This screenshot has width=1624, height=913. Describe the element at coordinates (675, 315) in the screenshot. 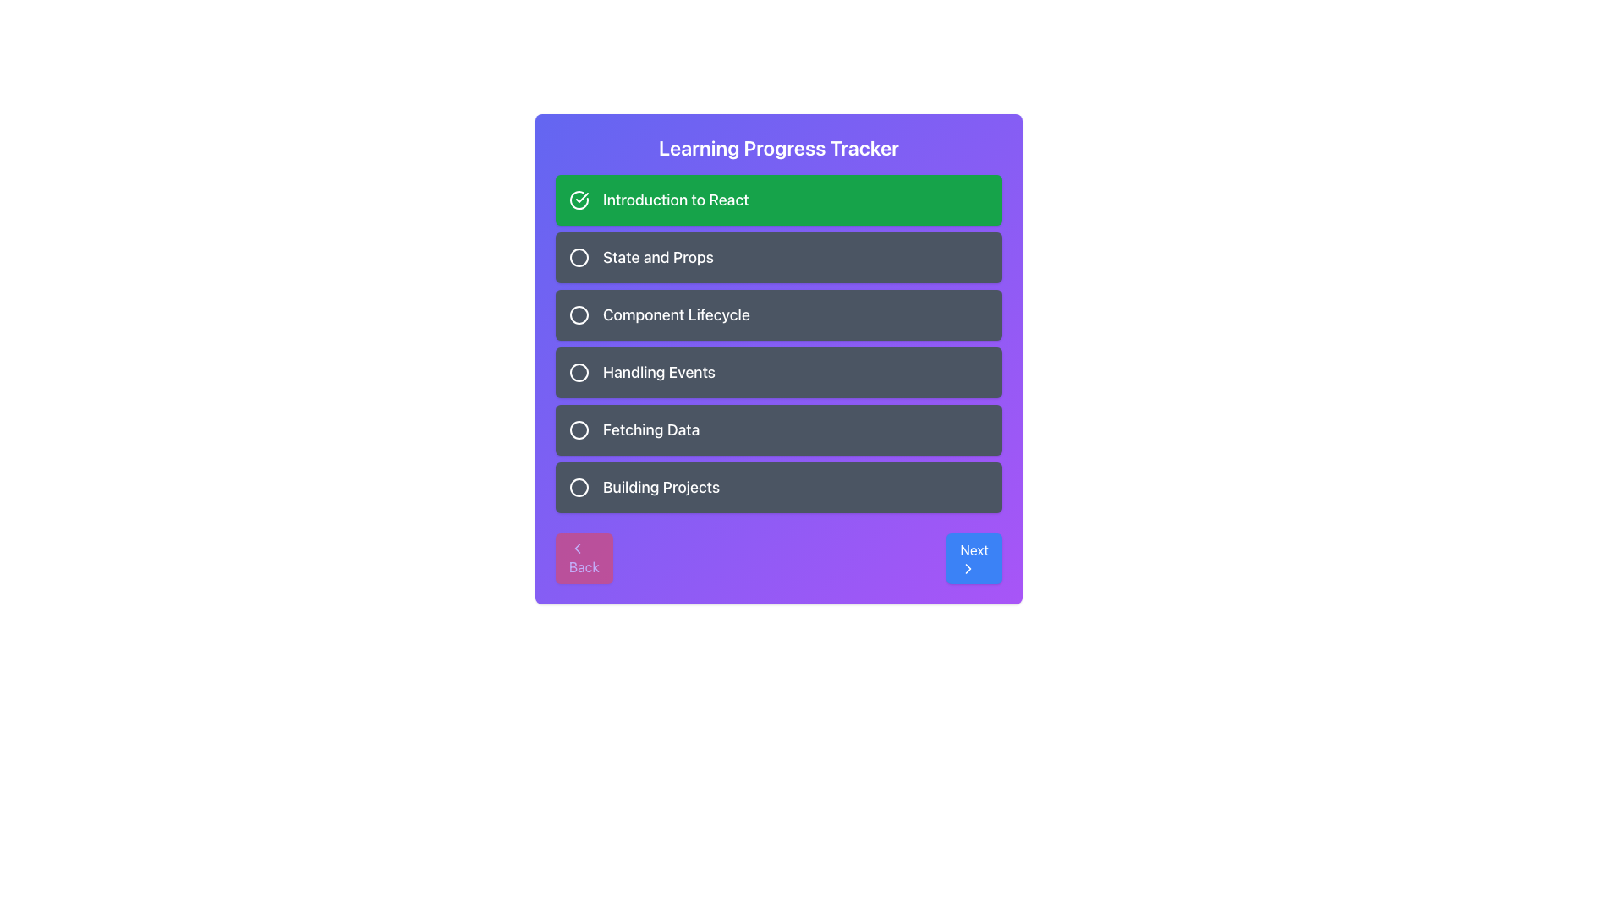

I see `text content of the third option in the vertical list of progress steps within the learning progress tracker card, located between 'State and Props' and 'Handling Events'` at that location.